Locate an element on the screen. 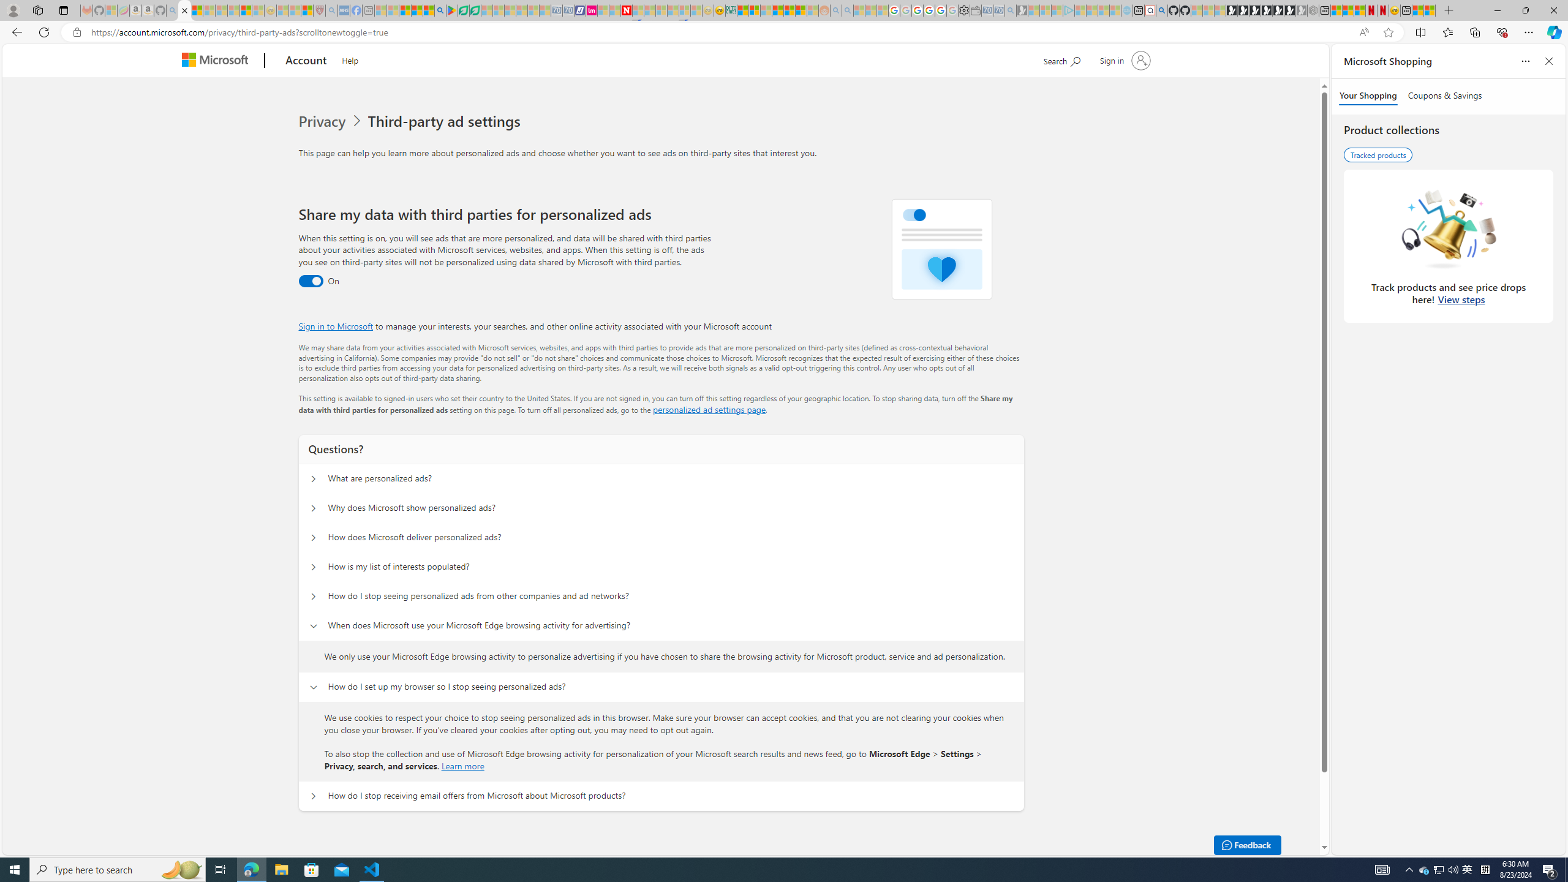 This screenshot has width=1568, height=882. 'Bluey: Let' is located at coordinates (451, 10).